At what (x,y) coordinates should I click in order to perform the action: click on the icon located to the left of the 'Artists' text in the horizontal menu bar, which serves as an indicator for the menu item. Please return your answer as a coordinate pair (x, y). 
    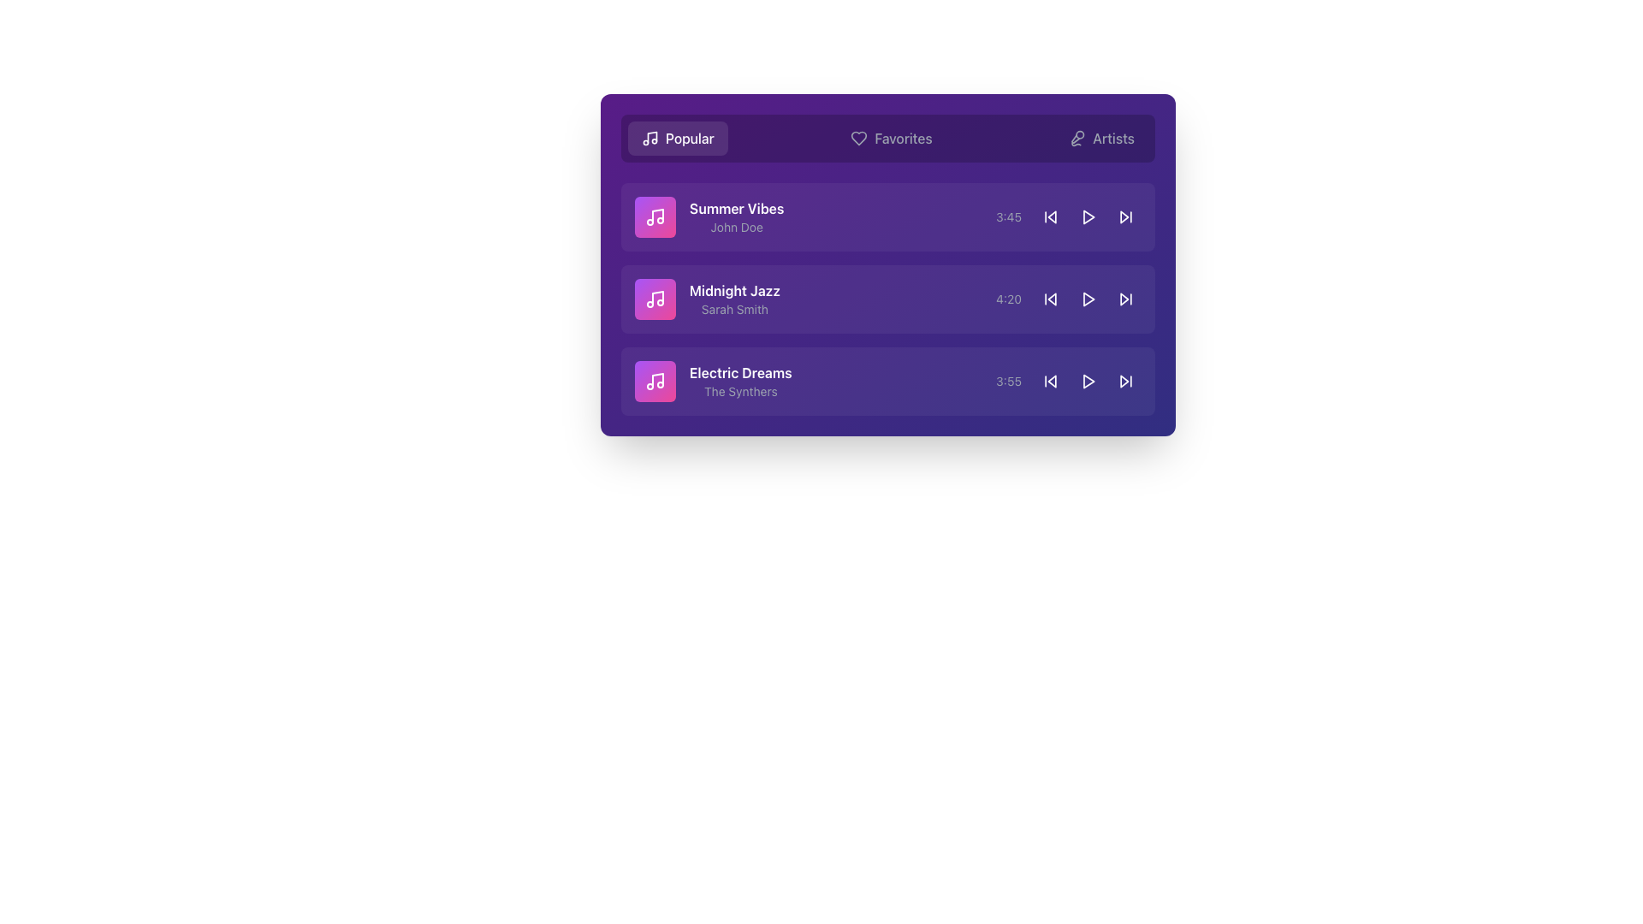
    Looking at the image, I should click on (1077, 138).